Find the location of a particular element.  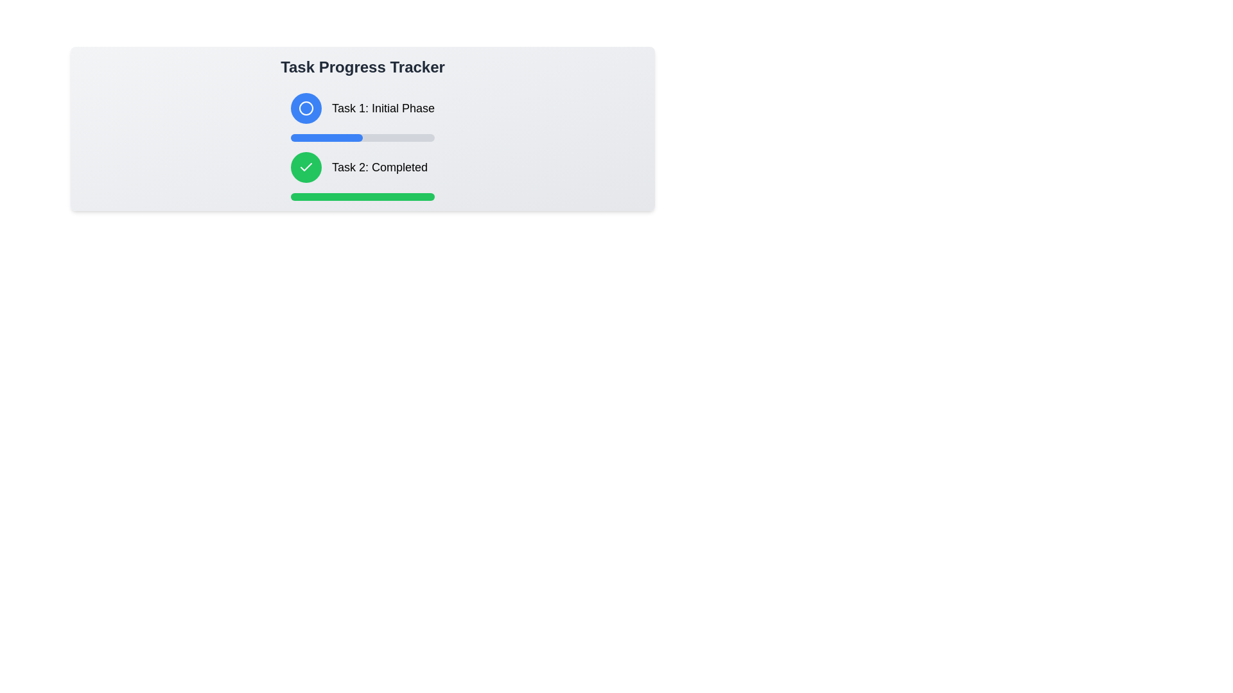

the circular SVG shape located within the blue circular icon next to the text 'Task 1: Initial Phase' is located at coordinates (305, 108).